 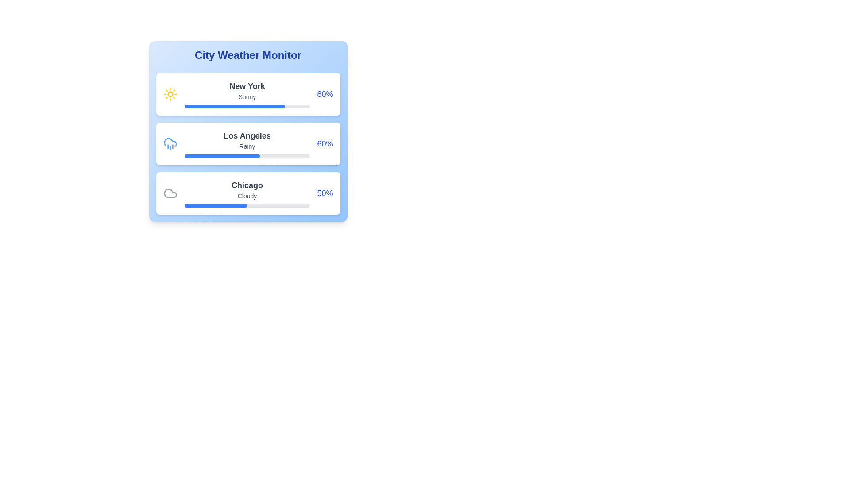 I want to click on the Text Label indicating the name of the city for weather data, which is located in the third row of the weather monitoring interface, aligned to the left side and above the text 'Cloudy', so click(x=247, y=185).